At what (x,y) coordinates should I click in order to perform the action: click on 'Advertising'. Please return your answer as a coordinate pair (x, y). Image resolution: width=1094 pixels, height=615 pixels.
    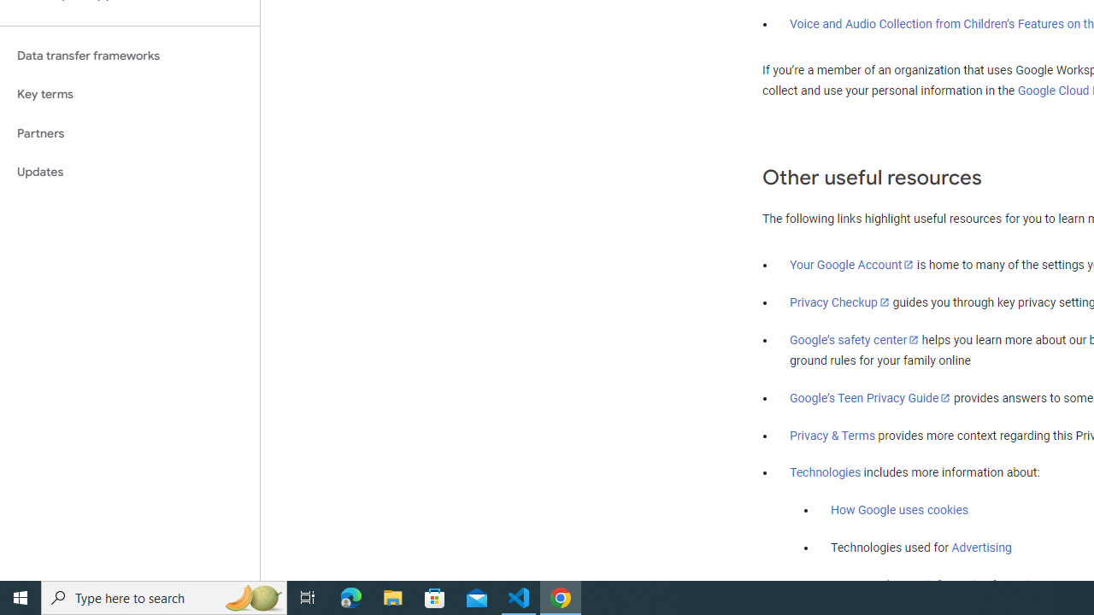
    Looking at the image, I should click on (981, 548).